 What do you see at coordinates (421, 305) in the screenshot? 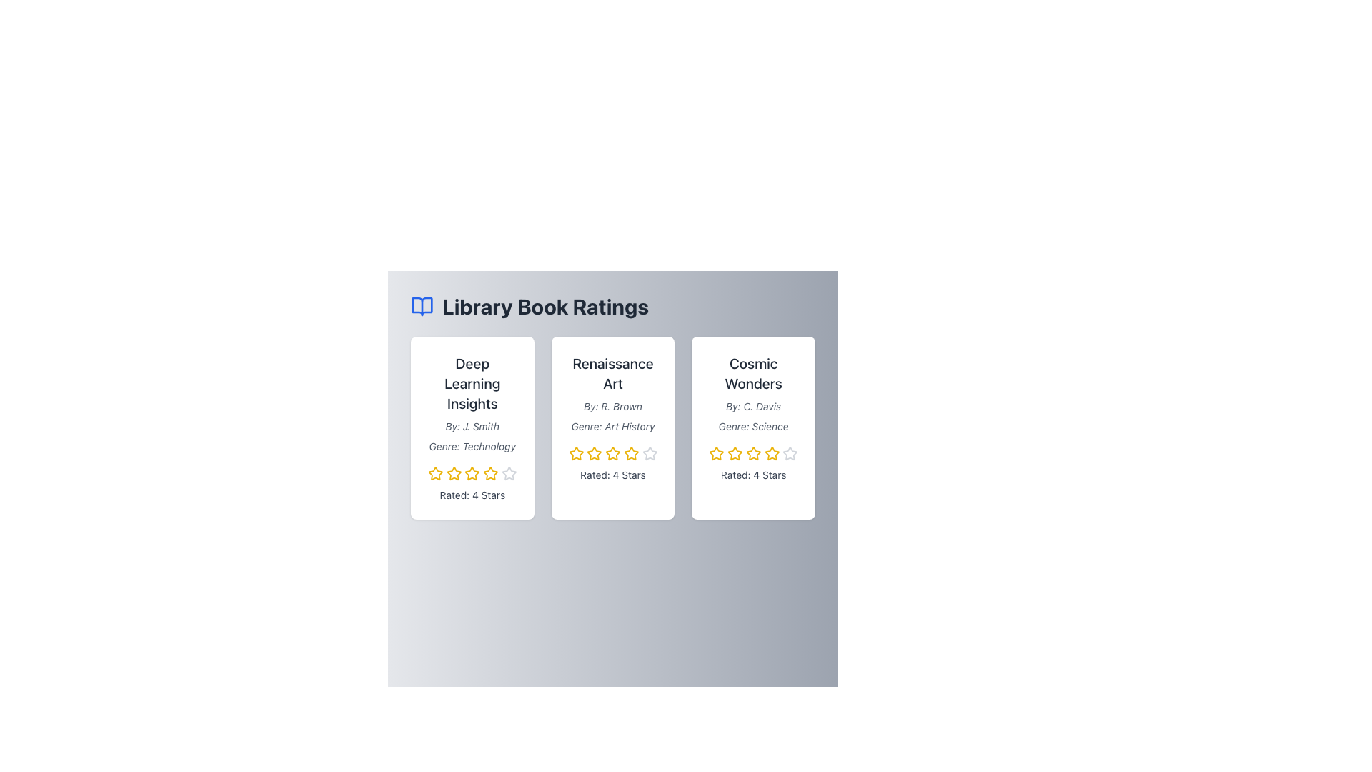
I see `the decorative book icon located at the top-left corner of the interface, to the left of the 'Library Book Ratings' header` at bounding box center [421, 305].